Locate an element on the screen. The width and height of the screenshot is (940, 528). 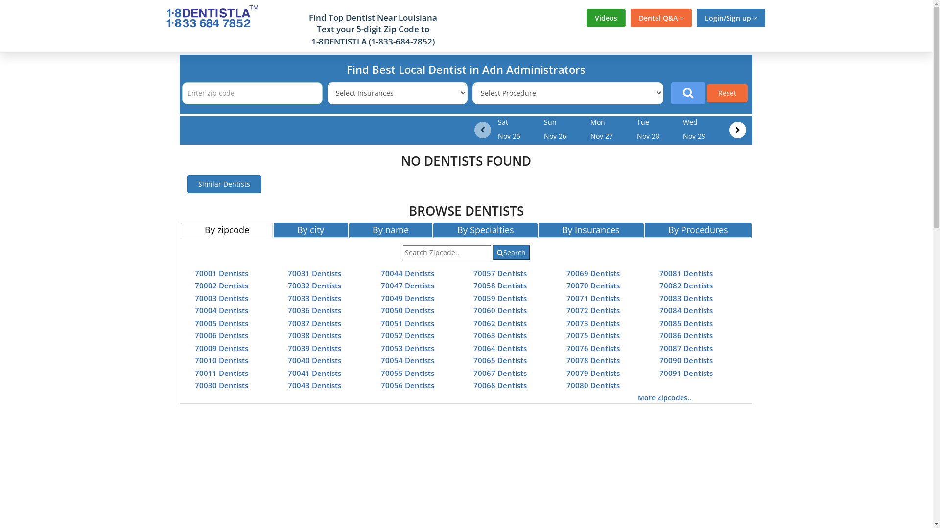
'70058 Dentists' is located at coordinates (500, 285).